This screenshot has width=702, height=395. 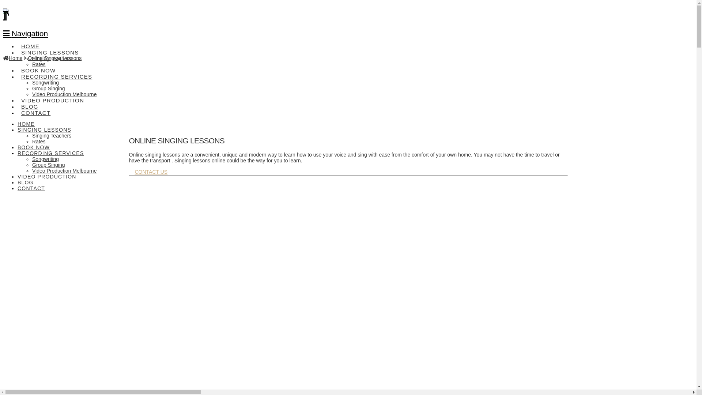 I want to click on 'Group Singing', so click(x=48, y=165).